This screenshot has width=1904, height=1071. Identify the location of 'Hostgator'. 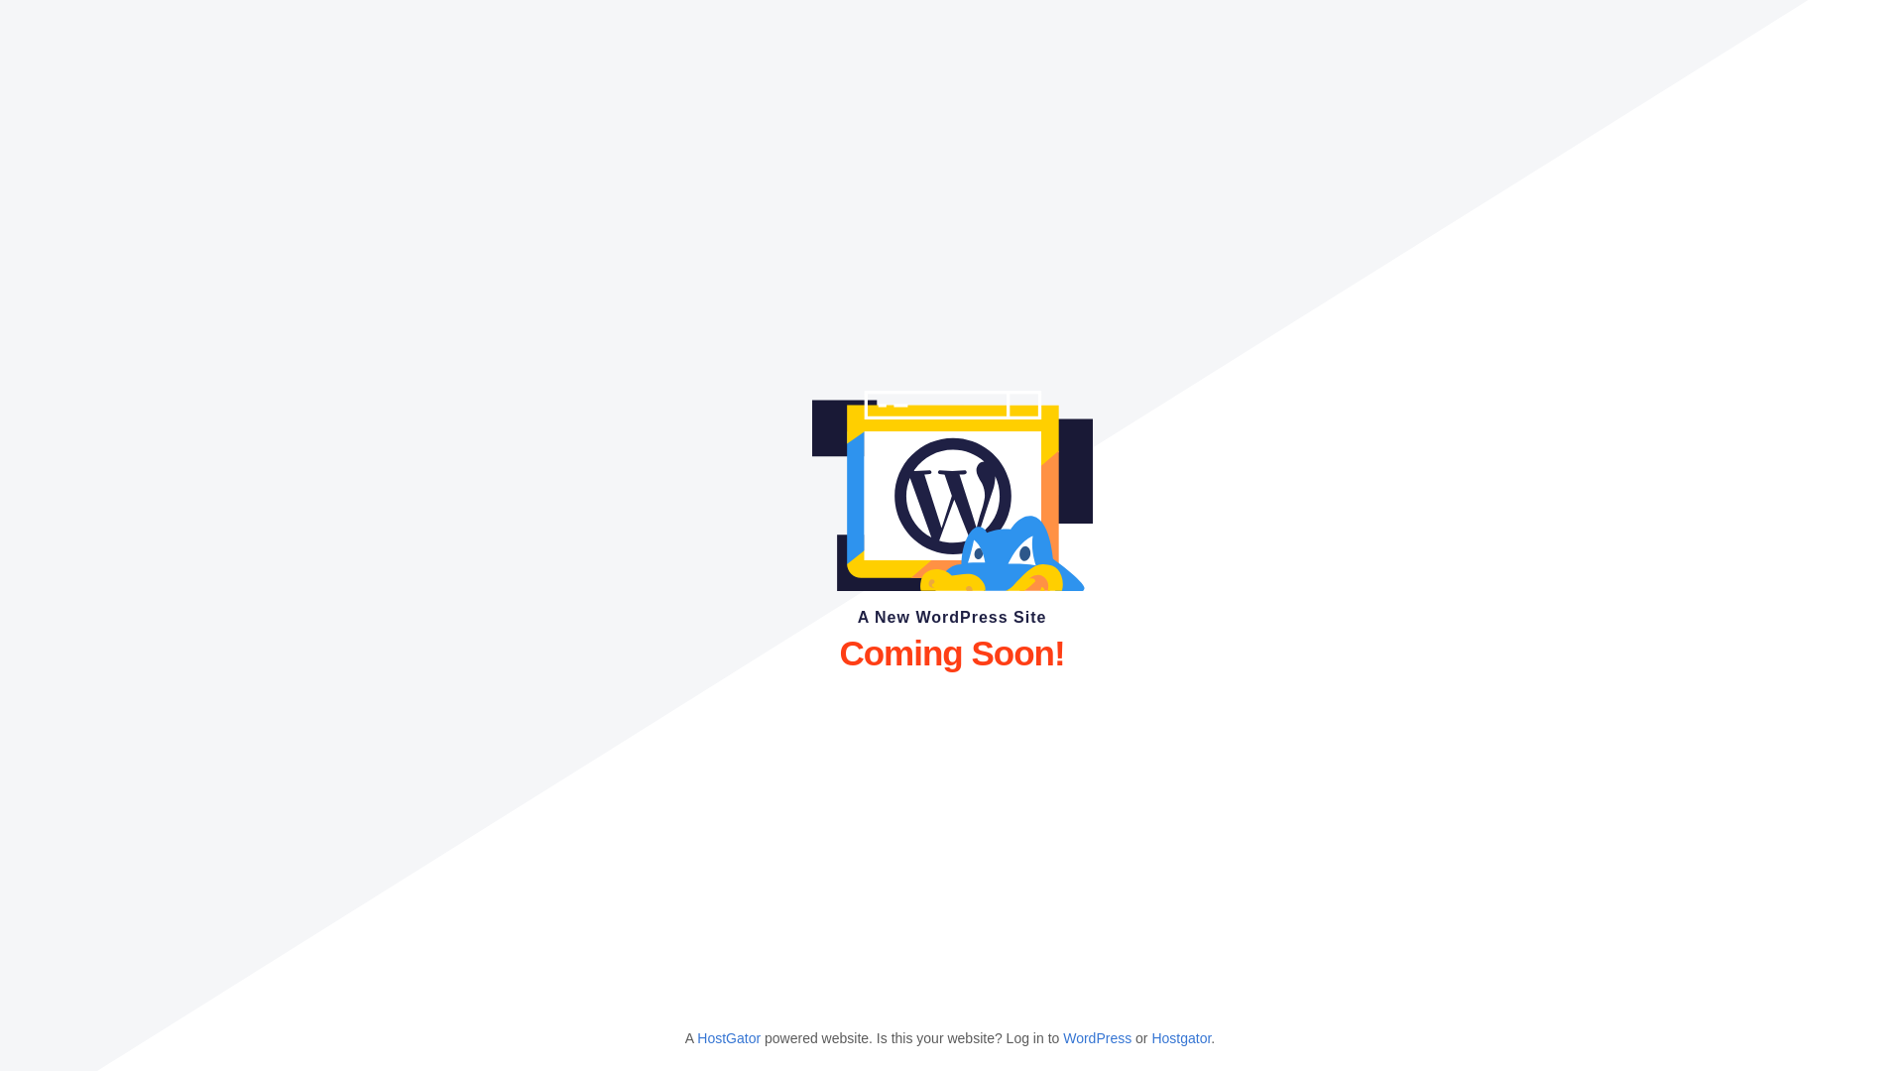
(1151, 1036).